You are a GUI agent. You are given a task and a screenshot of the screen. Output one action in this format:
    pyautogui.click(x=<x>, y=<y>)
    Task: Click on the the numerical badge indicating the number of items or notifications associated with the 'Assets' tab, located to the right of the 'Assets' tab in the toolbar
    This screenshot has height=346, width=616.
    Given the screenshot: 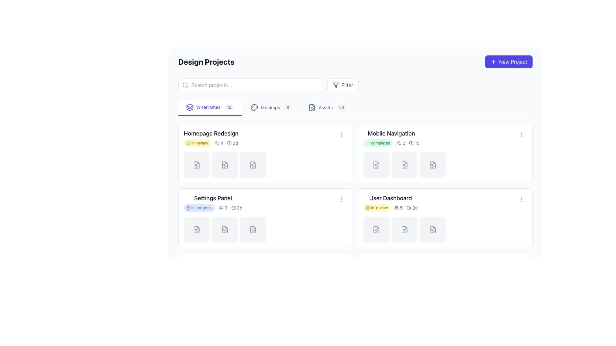 What is the action you would take?
    pyautogui.click(x=341, y=107)
    